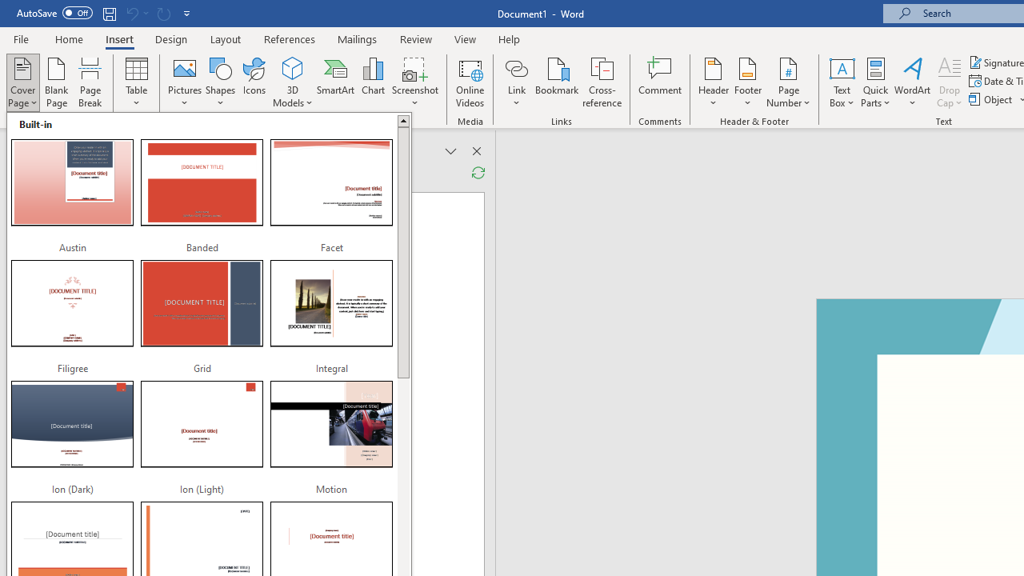  Describe the element at coordinates (660, 82) in the screenshot. I see `'Comment'` at that location.